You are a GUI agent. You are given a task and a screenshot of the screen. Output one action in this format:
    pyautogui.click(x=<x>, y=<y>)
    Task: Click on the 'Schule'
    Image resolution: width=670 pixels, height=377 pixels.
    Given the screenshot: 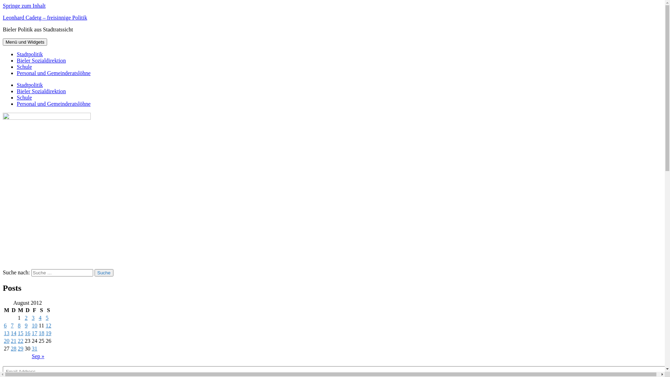 What is the action you would take?
    pyautogui.click(x=17, y=67)
    